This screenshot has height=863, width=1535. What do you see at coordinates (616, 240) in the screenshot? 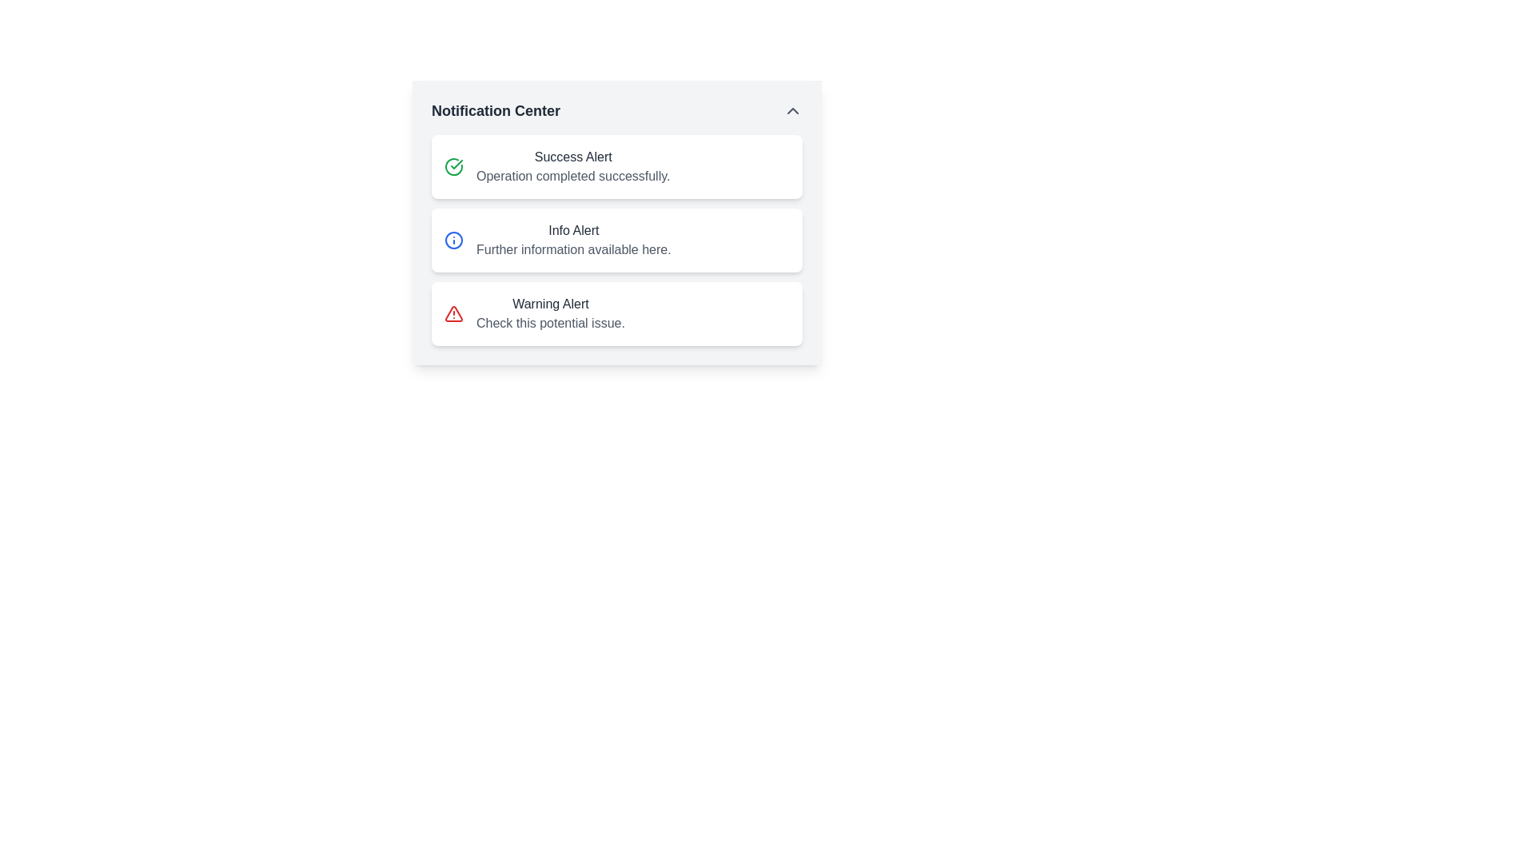
I see `the 'Info Alert' in the Informational Alert section to see more details about the alert message stating 'Further information available here.'` at bounding box center [616, 240].